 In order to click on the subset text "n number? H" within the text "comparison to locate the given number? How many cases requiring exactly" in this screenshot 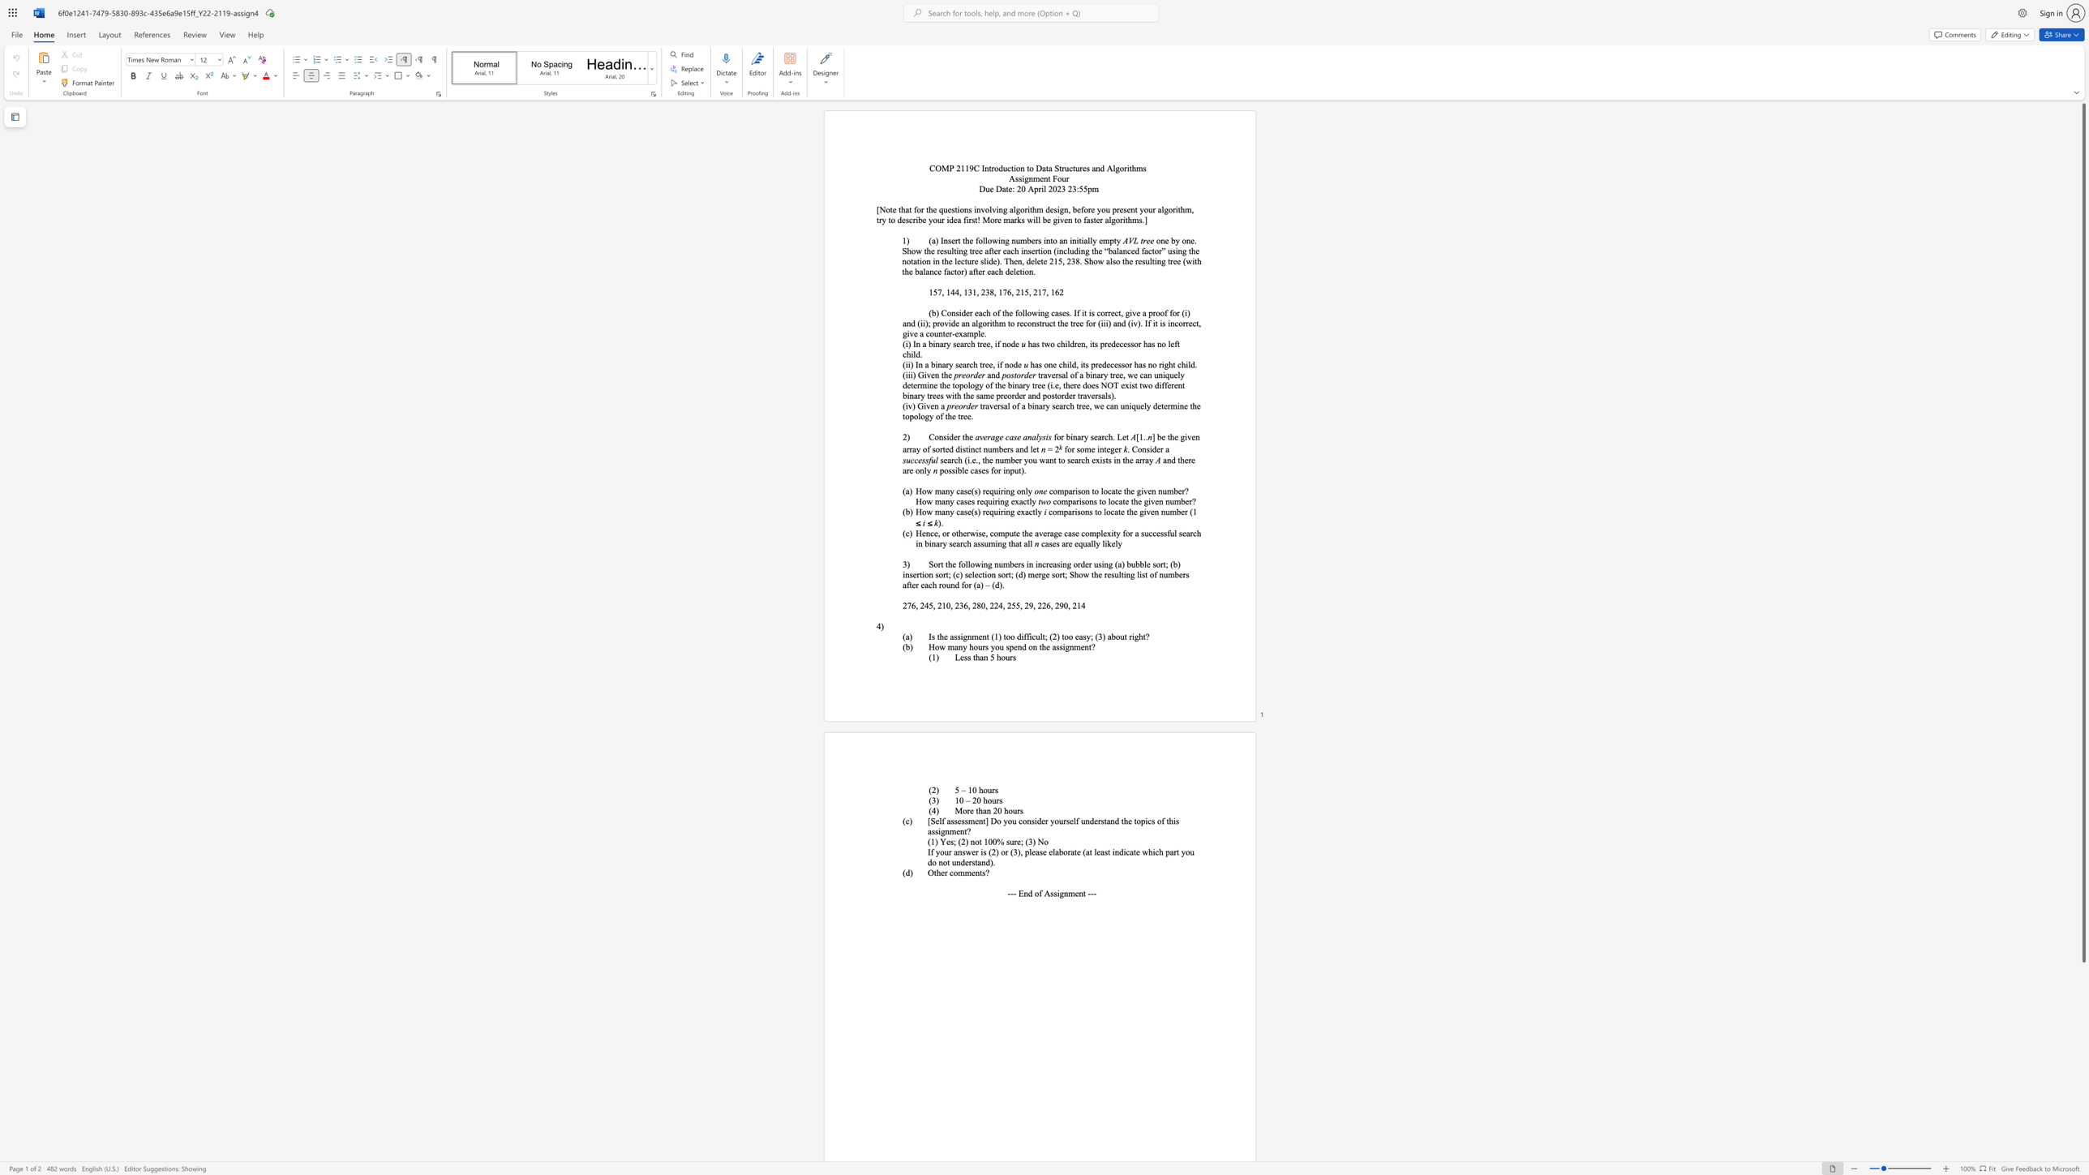, I will do `click(1151, 490)`.